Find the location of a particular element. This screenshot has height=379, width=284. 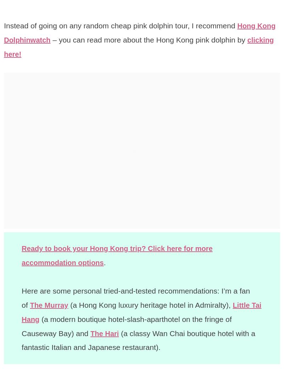

'.' is located at coordinates (108, 262).